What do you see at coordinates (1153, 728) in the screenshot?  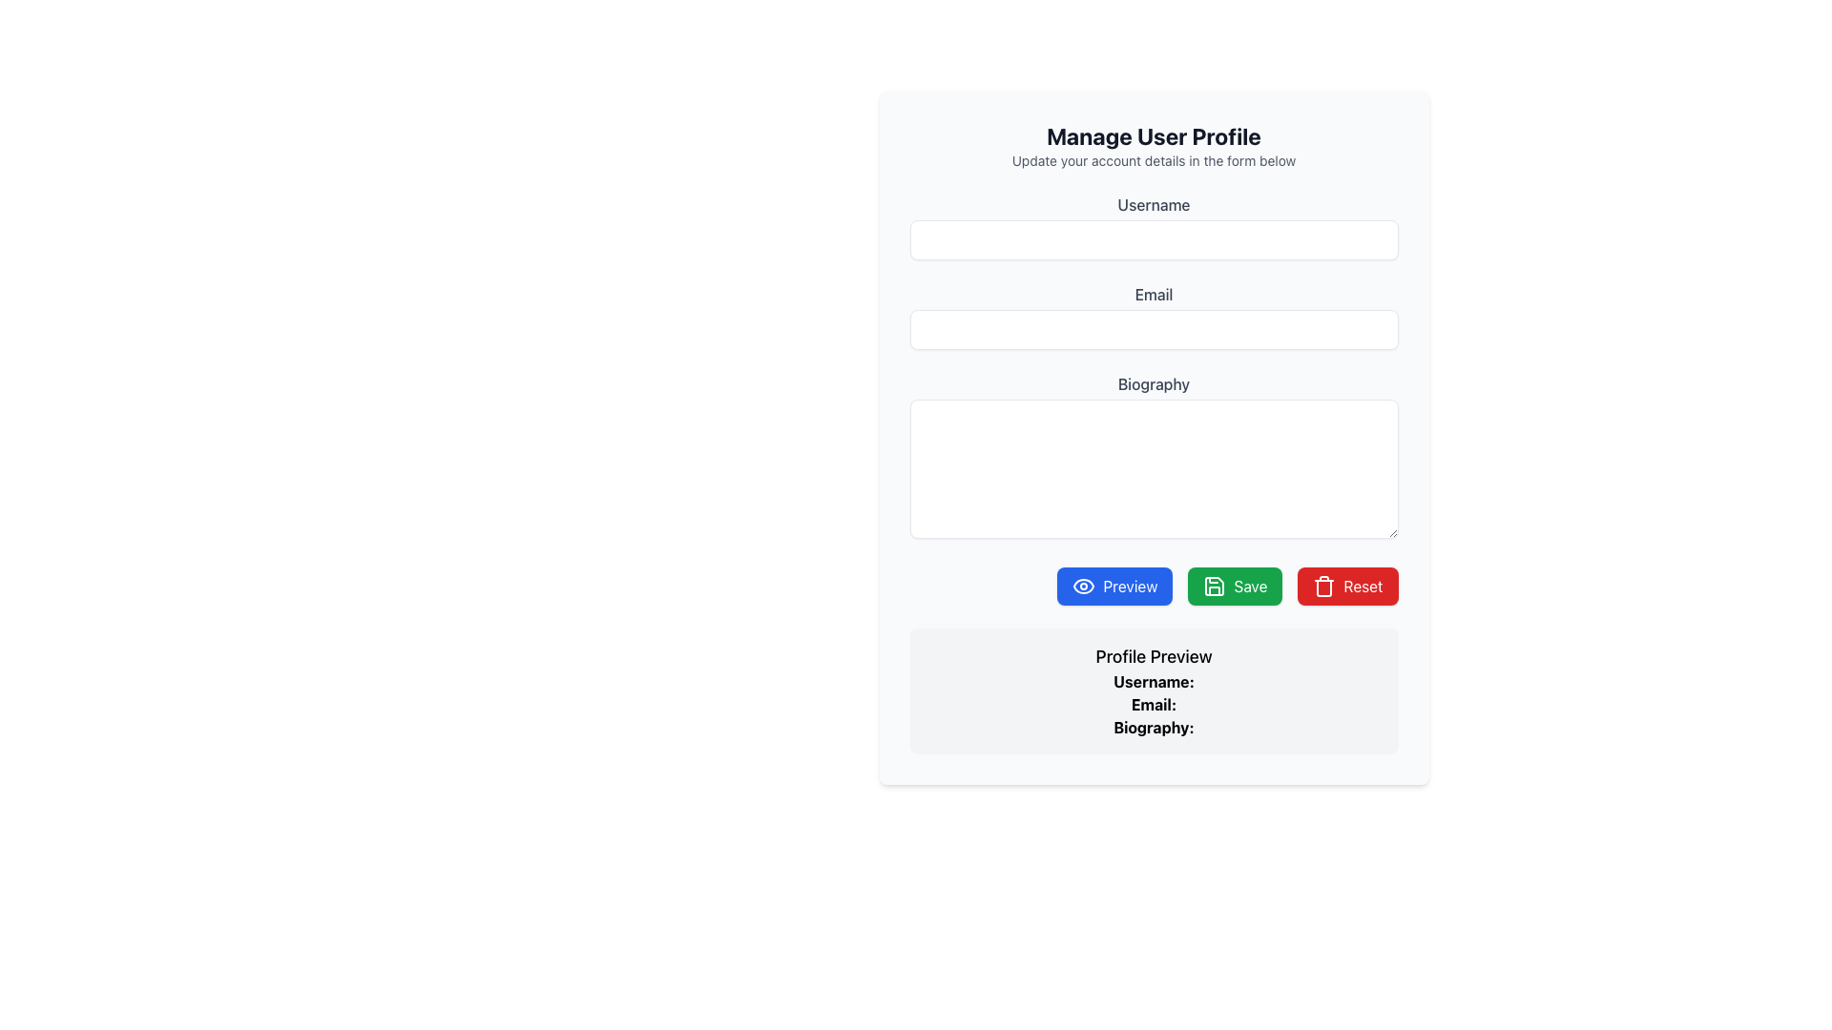 I see `the 'Biography' text label in the profile preview section, located at the bottom-middle part of the main interface, beneath the 'Email:' label` at bounding box center [1153, 728].